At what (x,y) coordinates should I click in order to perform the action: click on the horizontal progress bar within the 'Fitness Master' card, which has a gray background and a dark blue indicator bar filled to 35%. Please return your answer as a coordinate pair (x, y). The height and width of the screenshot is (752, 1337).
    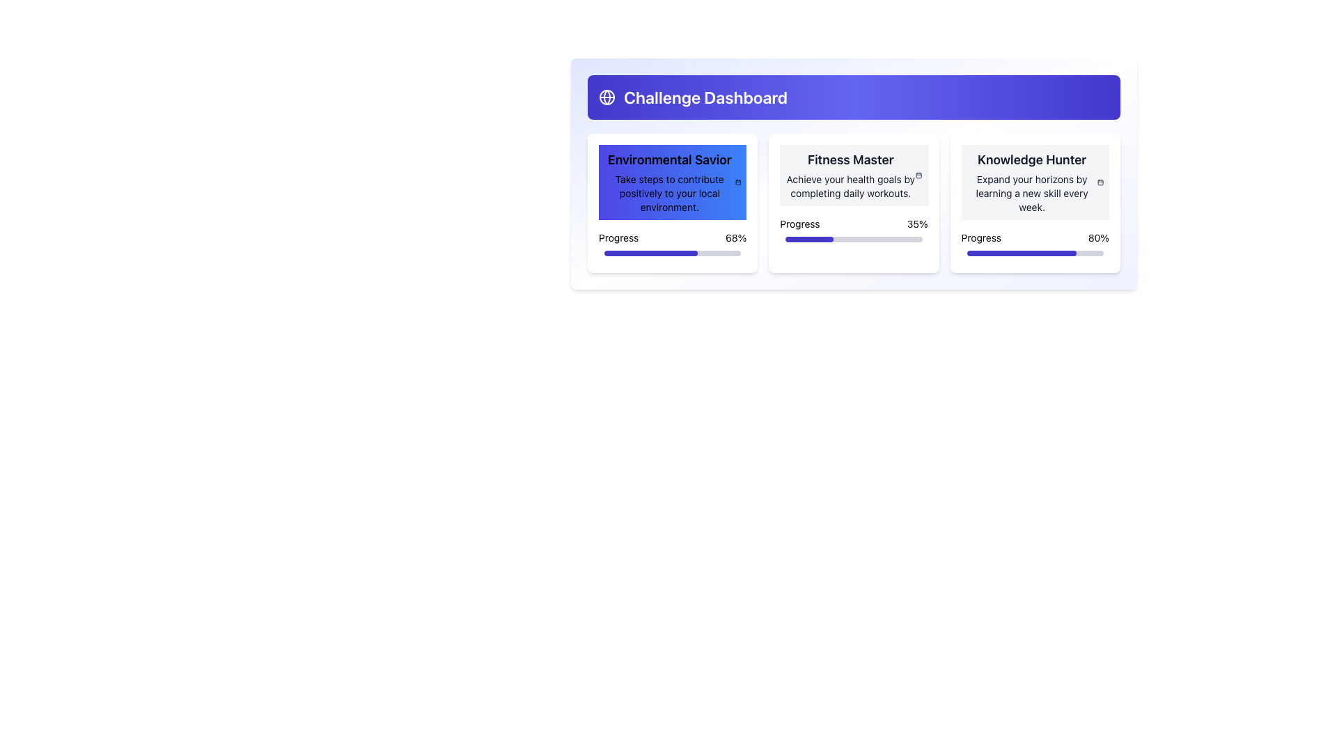
    Looking at the image, I should click on (853, 238).